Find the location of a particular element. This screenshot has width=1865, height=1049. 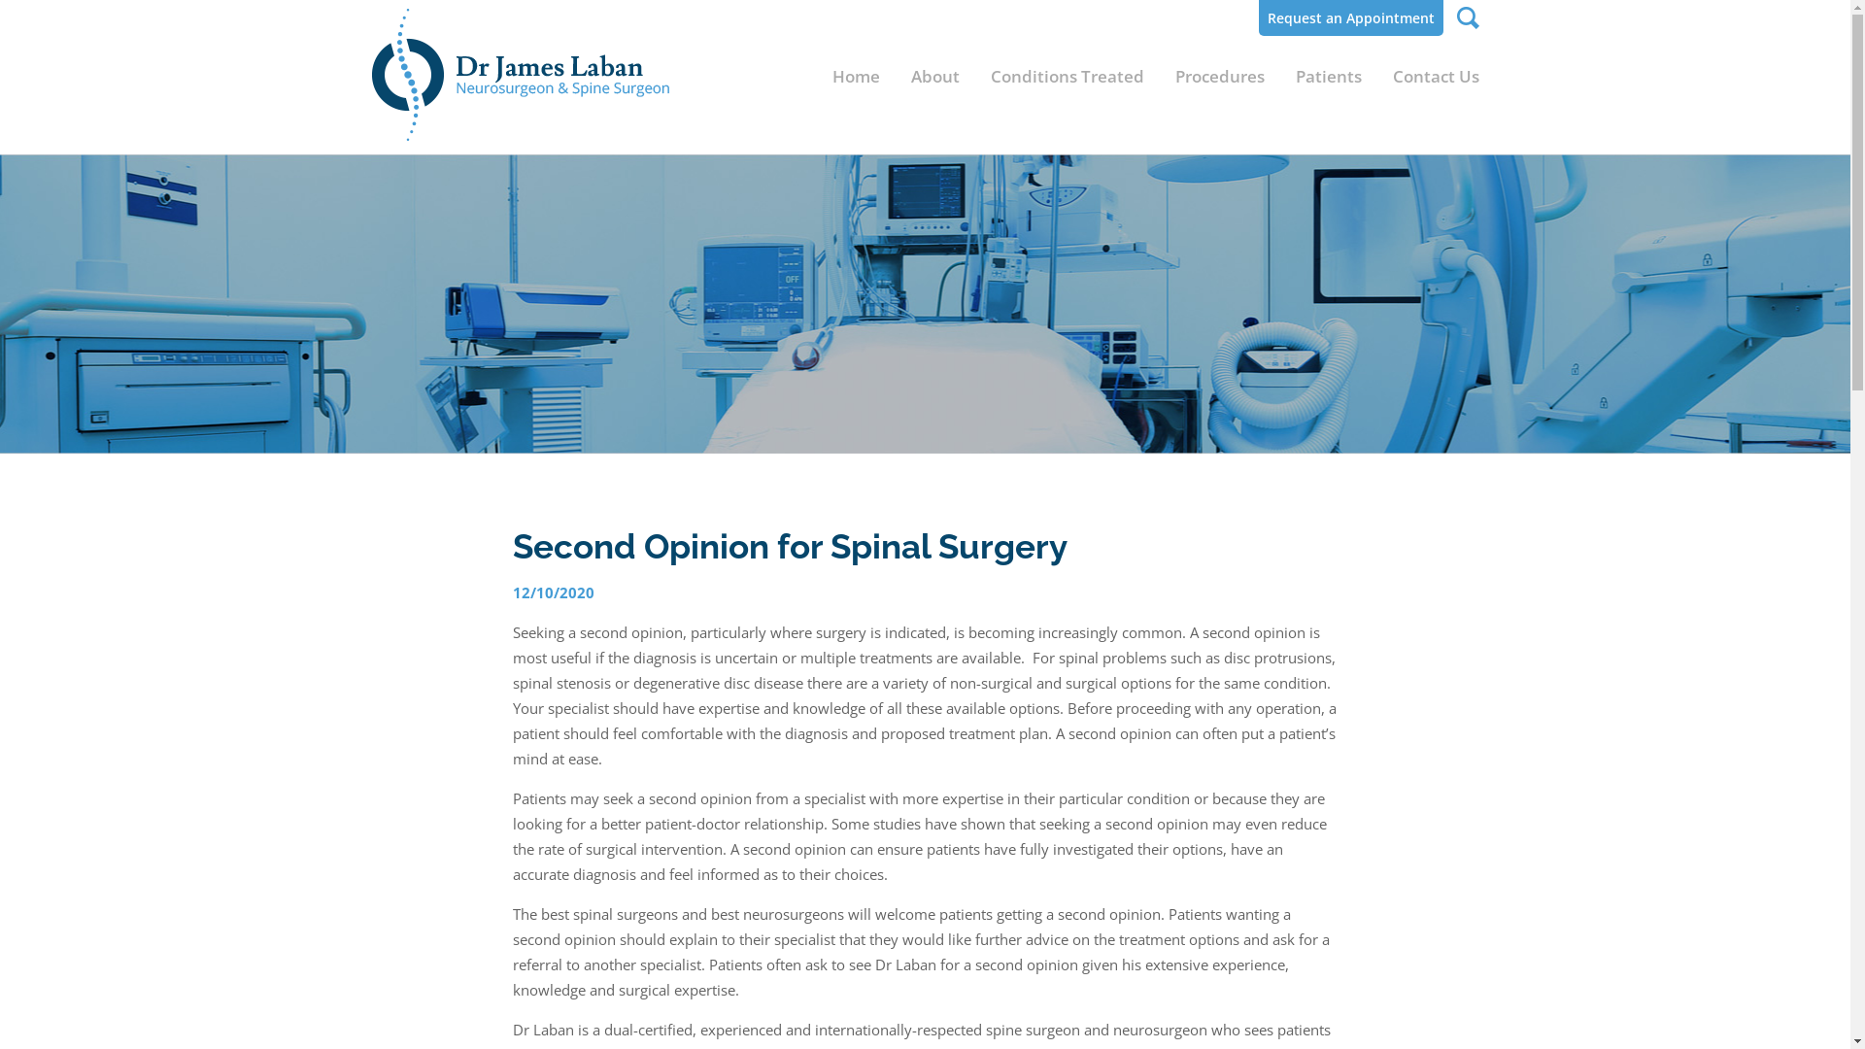

'Patients' is located at coordinates (1328, 75).